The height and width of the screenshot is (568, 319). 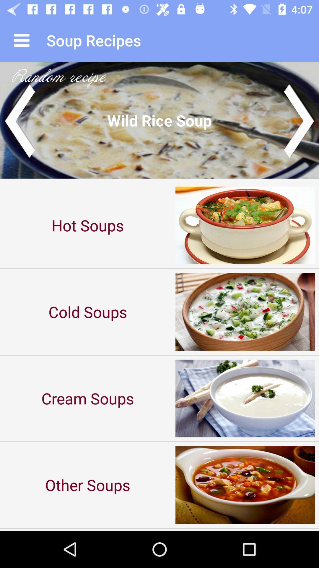 What do you see at coordinates (88, 398) in the screenshot?
I see `cream soups` at bounding box center [88, 398].